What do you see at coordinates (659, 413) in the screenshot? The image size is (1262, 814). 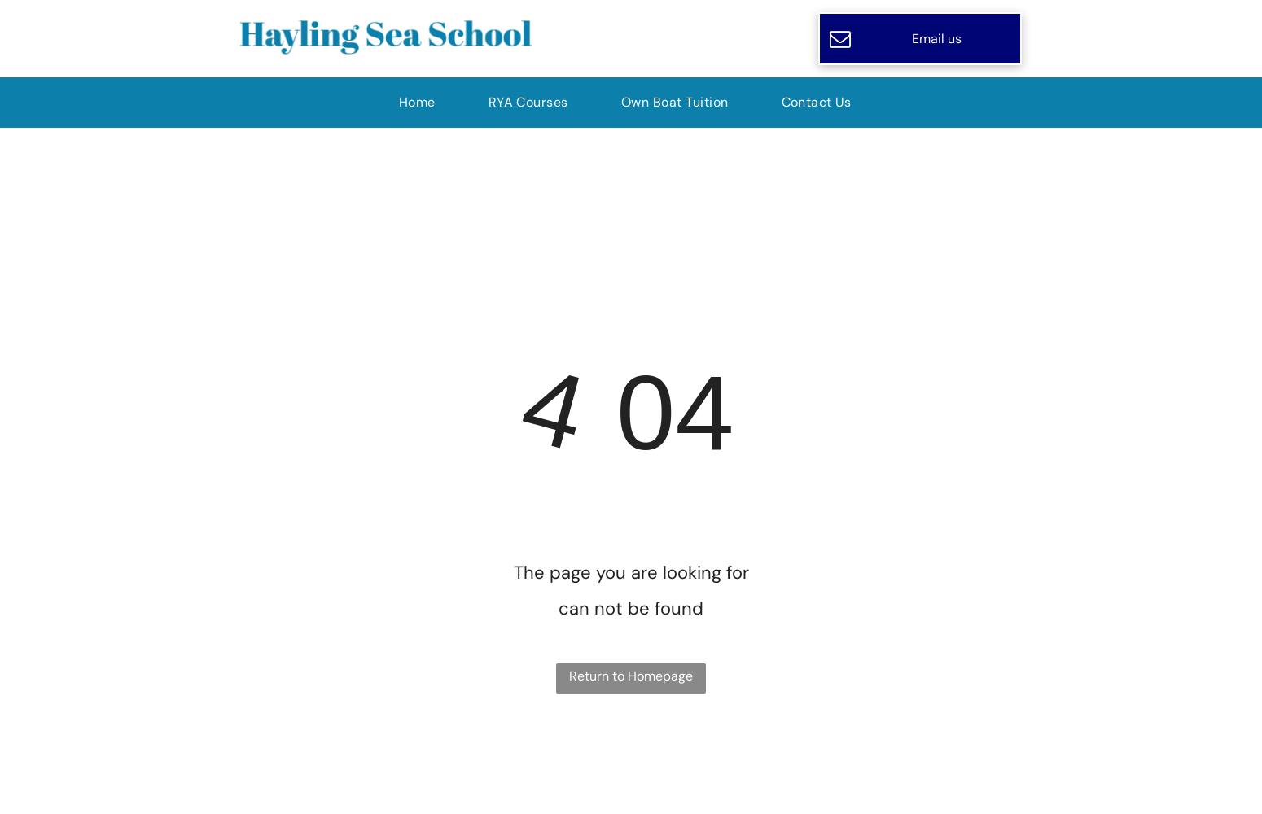 I see `'04'` at bounding box center [659, 413].